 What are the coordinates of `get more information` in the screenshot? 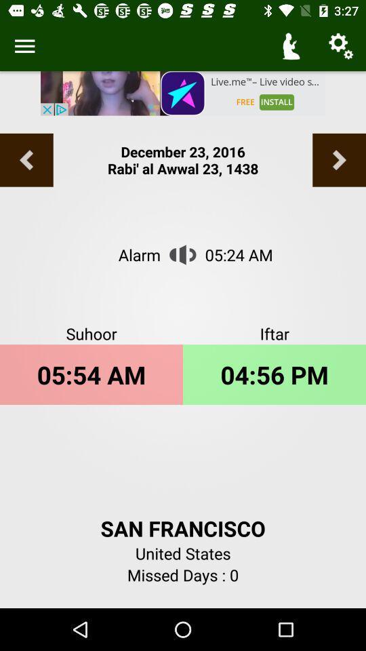 It's located at (24, 46).